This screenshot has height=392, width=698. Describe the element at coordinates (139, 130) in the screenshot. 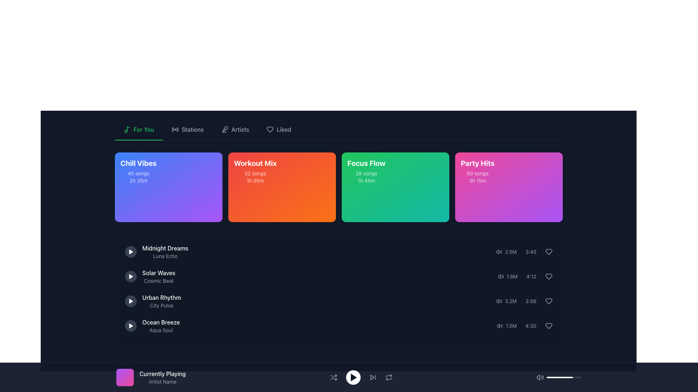

I see `the 'For You' button, which displays the text in a green font with a musical note icon on its left, located in the top-left section of the interface` at that location.